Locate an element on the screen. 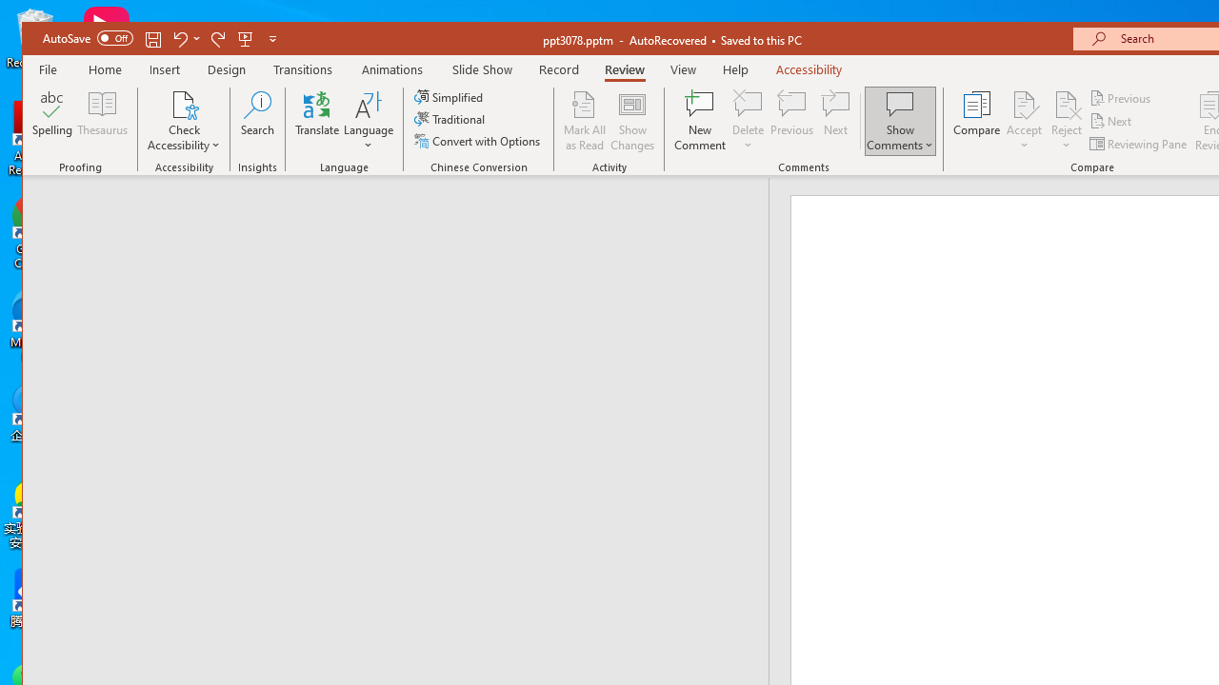 This screenshot has width=1219, height=685. 'Reviewing Pane' is located at coordinates (1139, 143).